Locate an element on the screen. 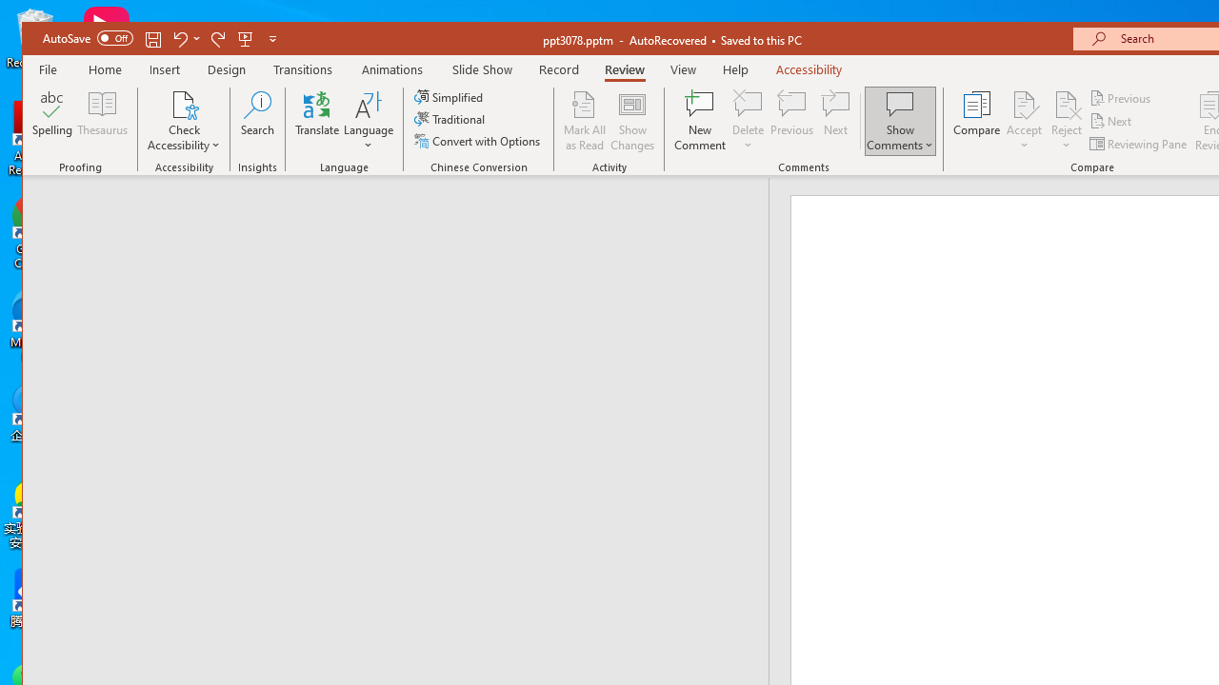 This screenshot has width=1219, height=685. 'Reviewing Pane' is located at coordinates (1139, 143).